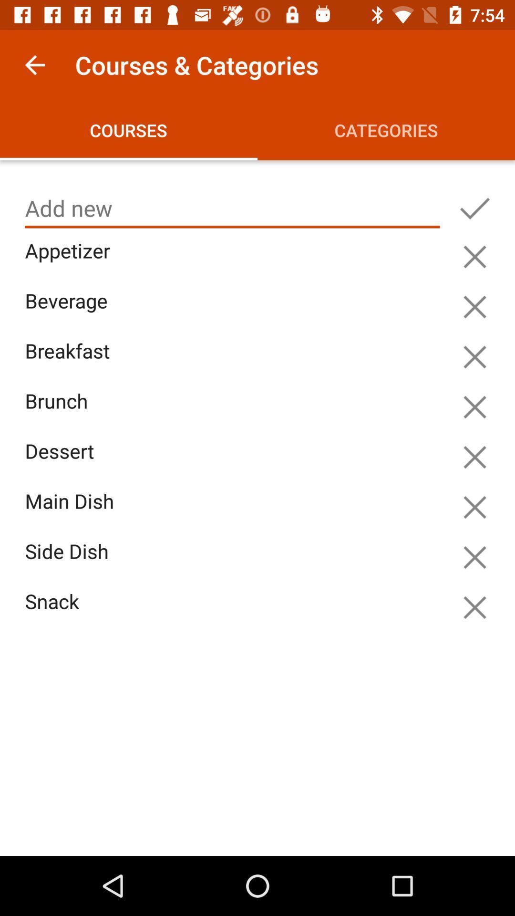  Describe the element at coordinates (235, 312) in the screenshot. I see `beverage` at that location.